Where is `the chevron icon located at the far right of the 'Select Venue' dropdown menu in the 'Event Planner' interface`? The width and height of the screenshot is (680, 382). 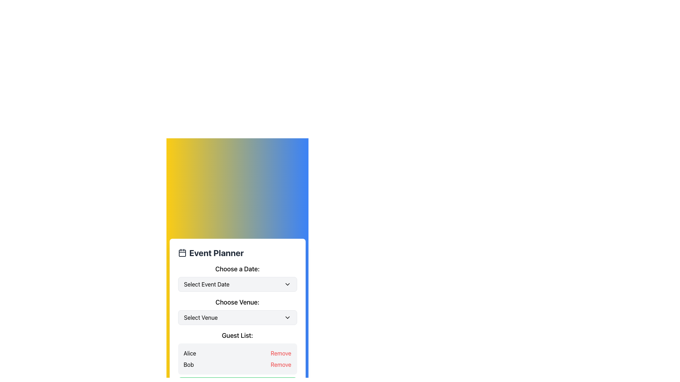
the chevron icon located at the far right of the 'Select Venue' dropdown menu in the 'Event Planner' interface is located at coordinates (287, 317).